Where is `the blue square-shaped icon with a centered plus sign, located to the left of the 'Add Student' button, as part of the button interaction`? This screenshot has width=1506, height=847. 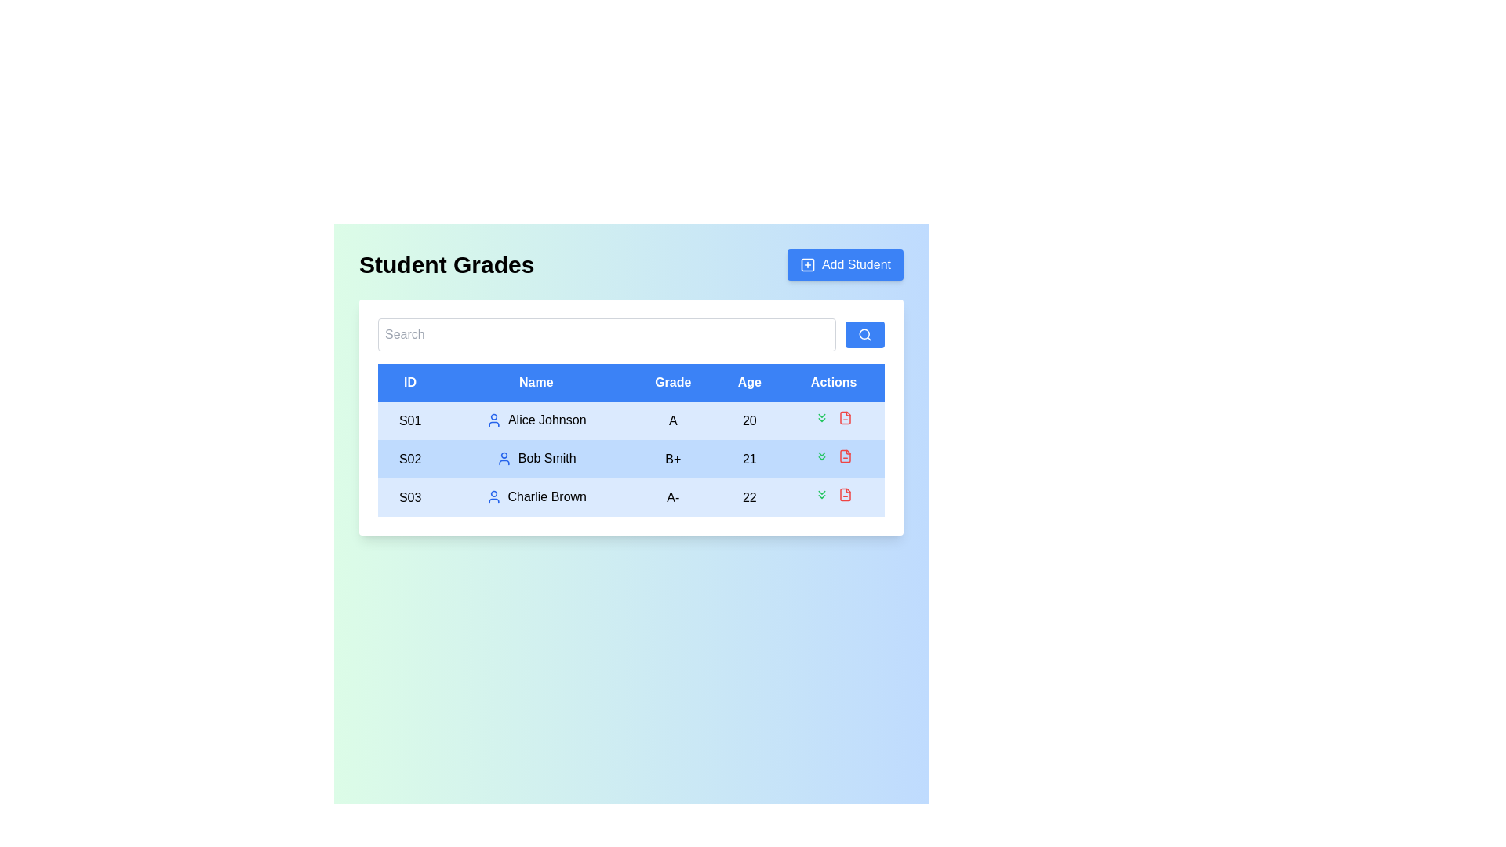
the blue square-shaped icon with a centered plus sign, located to the left of the 'Add Student' button, as part of the button interaction is located at coordinates (807, 264).